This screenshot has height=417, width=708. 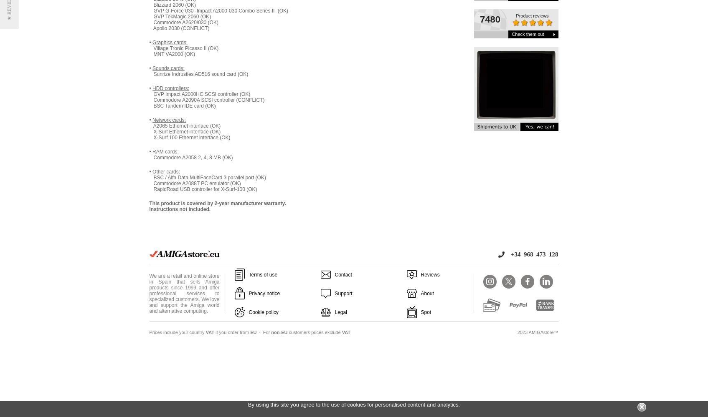 What do you see at coordinates (206, 100) in the screenshot?
I see `'Commodore A2090A SCSI controller (CONFLICT)'` at bounding box center [206, 100].